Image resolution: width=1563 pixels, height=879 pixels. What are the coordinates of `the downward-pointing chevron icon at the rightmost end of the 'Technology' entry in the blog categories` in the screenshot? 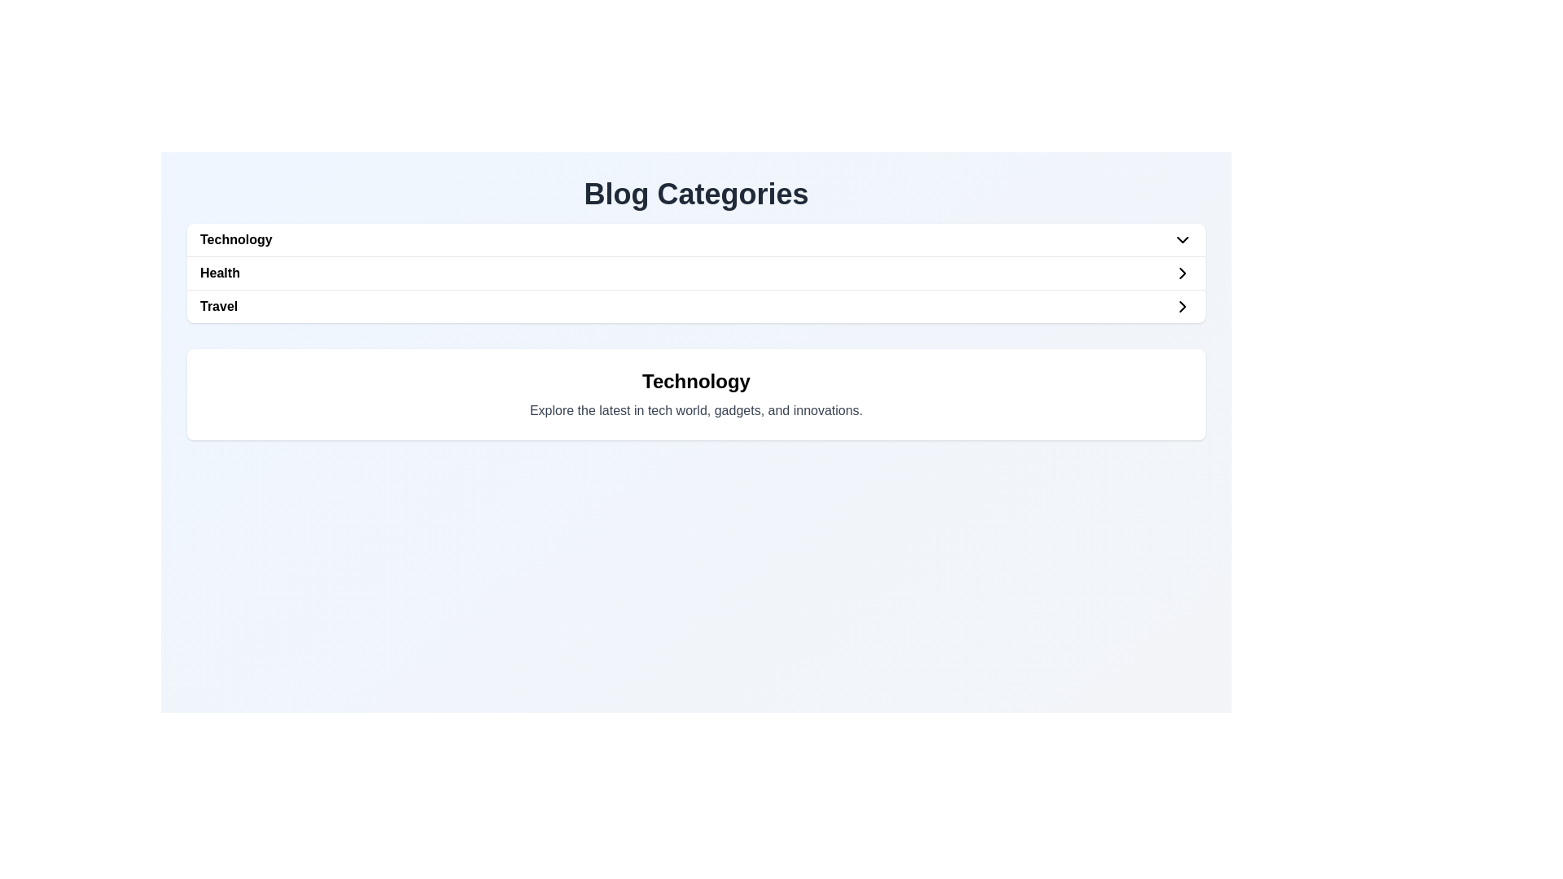 It's located at (1183, 239).